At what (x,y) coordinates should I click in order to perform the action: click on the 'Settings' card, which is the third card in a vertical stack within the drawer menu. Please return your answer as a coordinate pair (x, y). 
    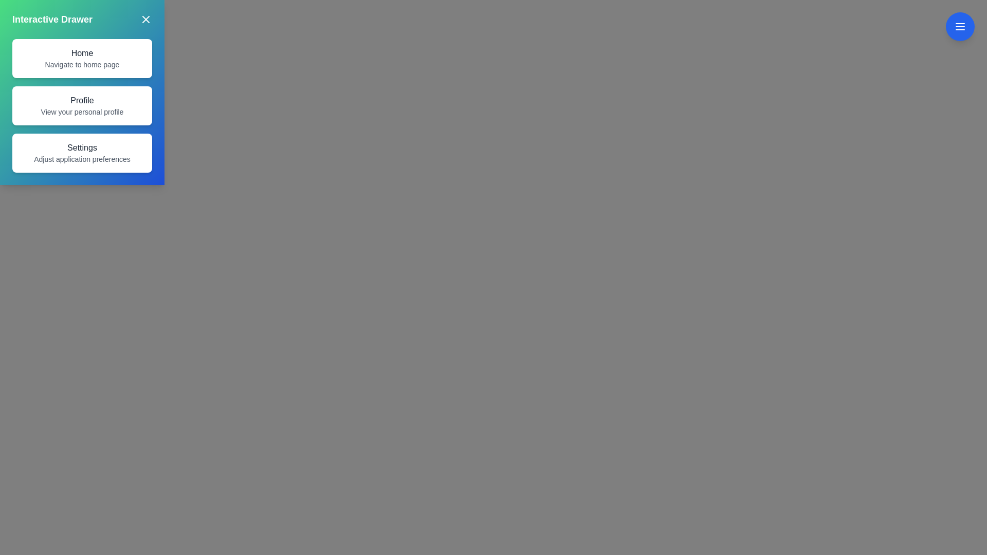
    Looking at the image, I should click on (81, 153).